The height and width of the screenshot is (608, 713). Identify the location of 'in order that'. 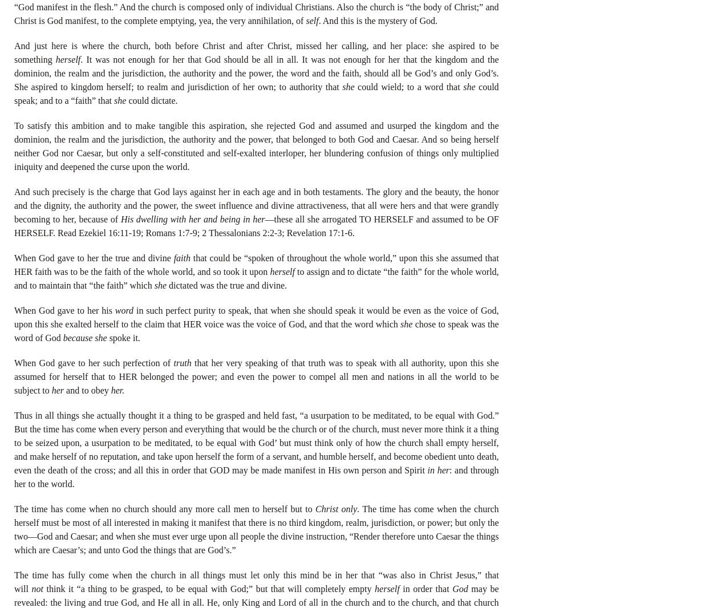
(425, 588).